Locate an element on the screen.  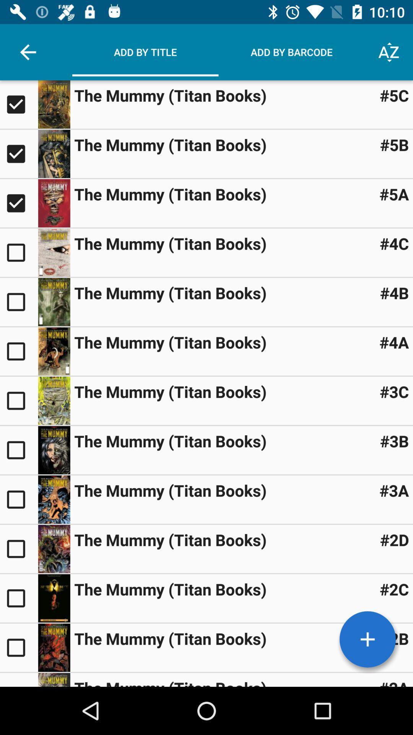
thumbnail image icon is located at coordinates (54, 549).